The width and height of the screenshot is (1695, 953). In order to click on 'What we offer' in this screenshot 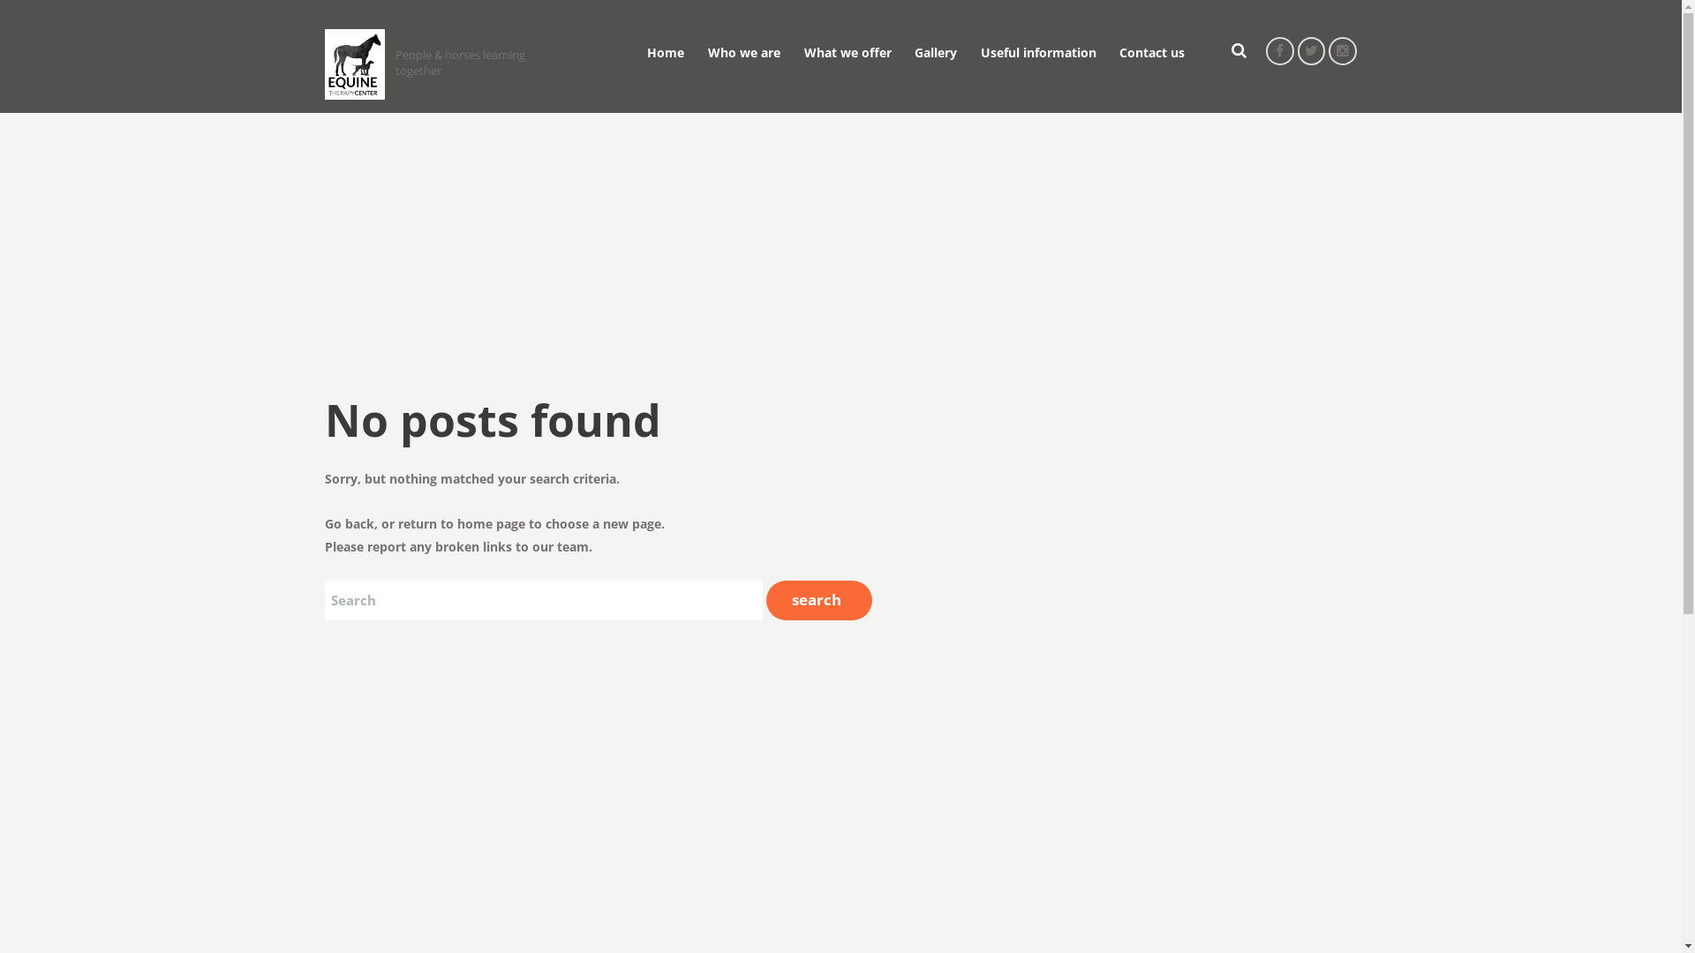, I will do `click(846, 50)`.